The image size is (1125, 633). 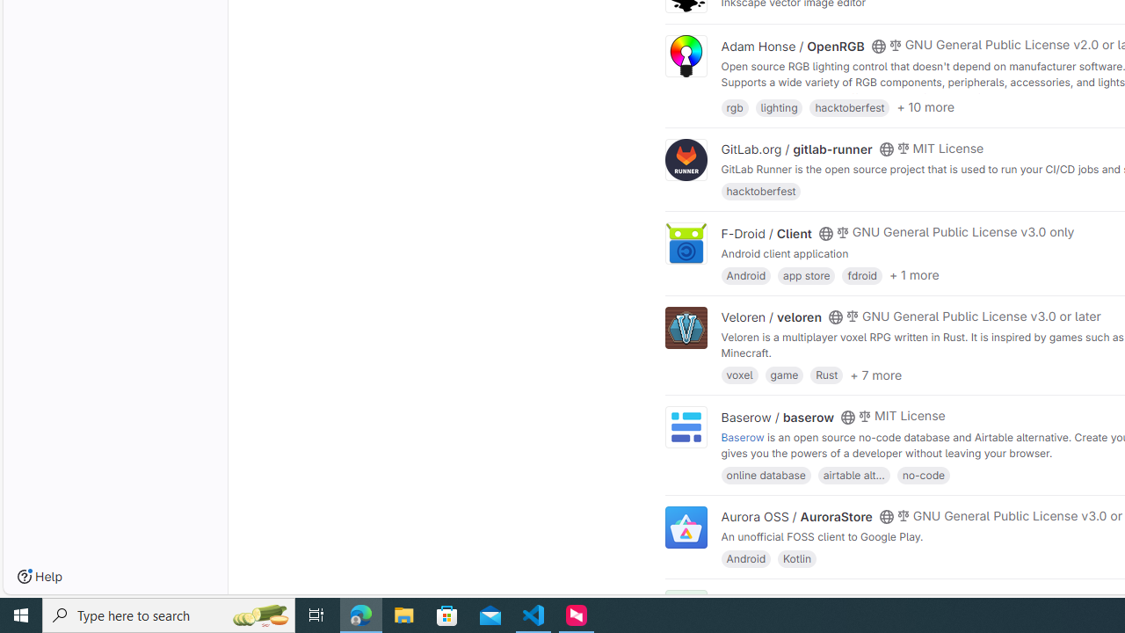 I want to click on '+ 1 more', so click(x=914, y=275).